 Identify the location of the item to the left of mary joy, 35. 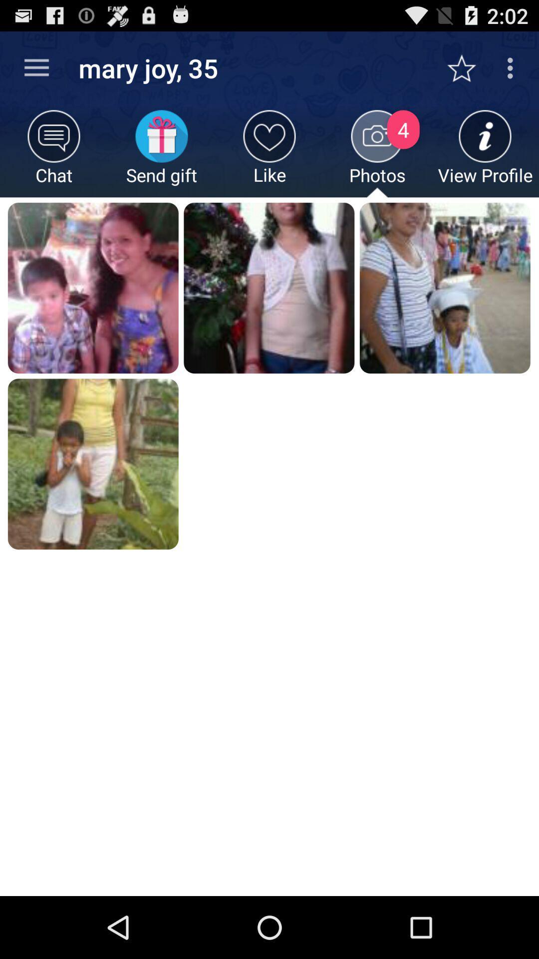
(36, 67).